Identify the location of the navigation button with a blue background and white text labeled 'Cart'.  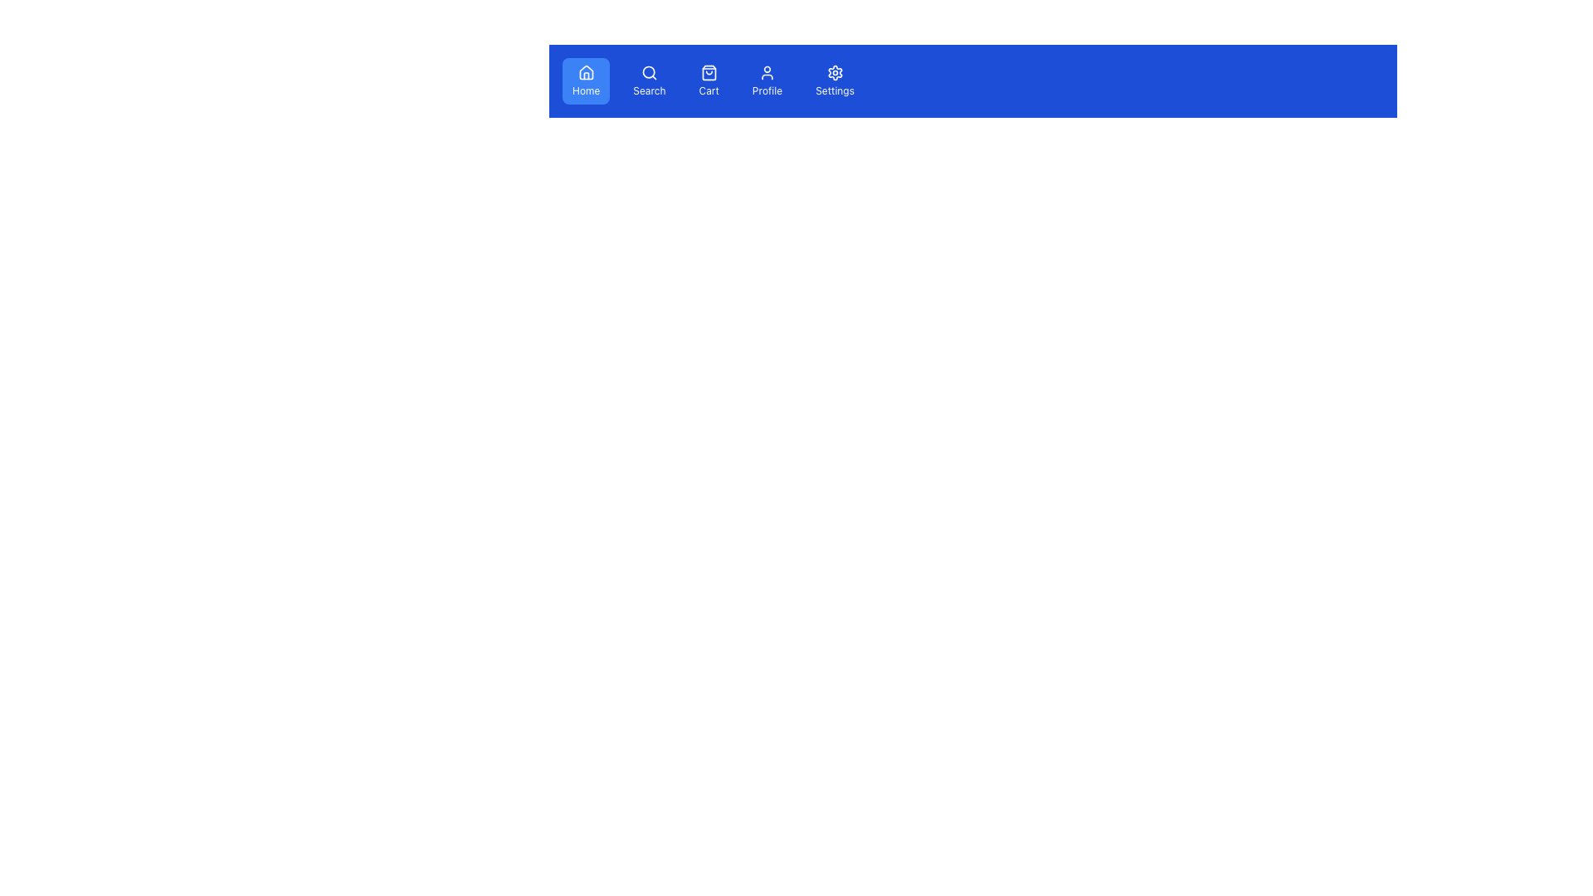
(713, 80).